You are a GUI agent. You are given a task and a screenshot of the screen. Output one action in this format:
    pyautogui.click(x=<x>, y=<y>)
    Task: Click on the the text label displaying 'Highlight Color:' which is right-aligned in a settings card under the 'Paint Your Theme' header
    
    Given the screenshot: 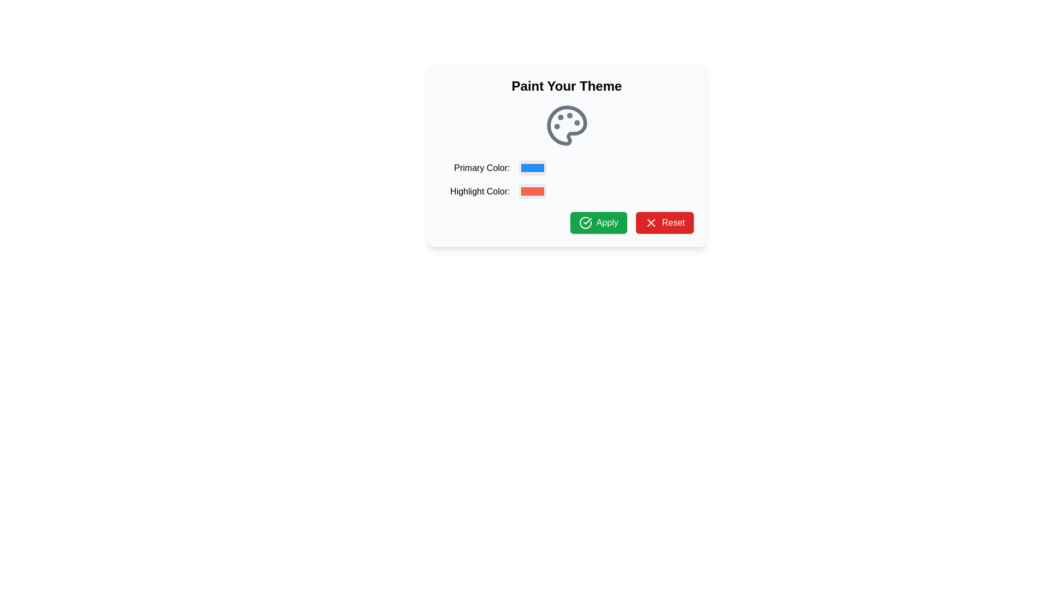 What is the action you would take?
    pyautogui.click(x=475, y=191)
    